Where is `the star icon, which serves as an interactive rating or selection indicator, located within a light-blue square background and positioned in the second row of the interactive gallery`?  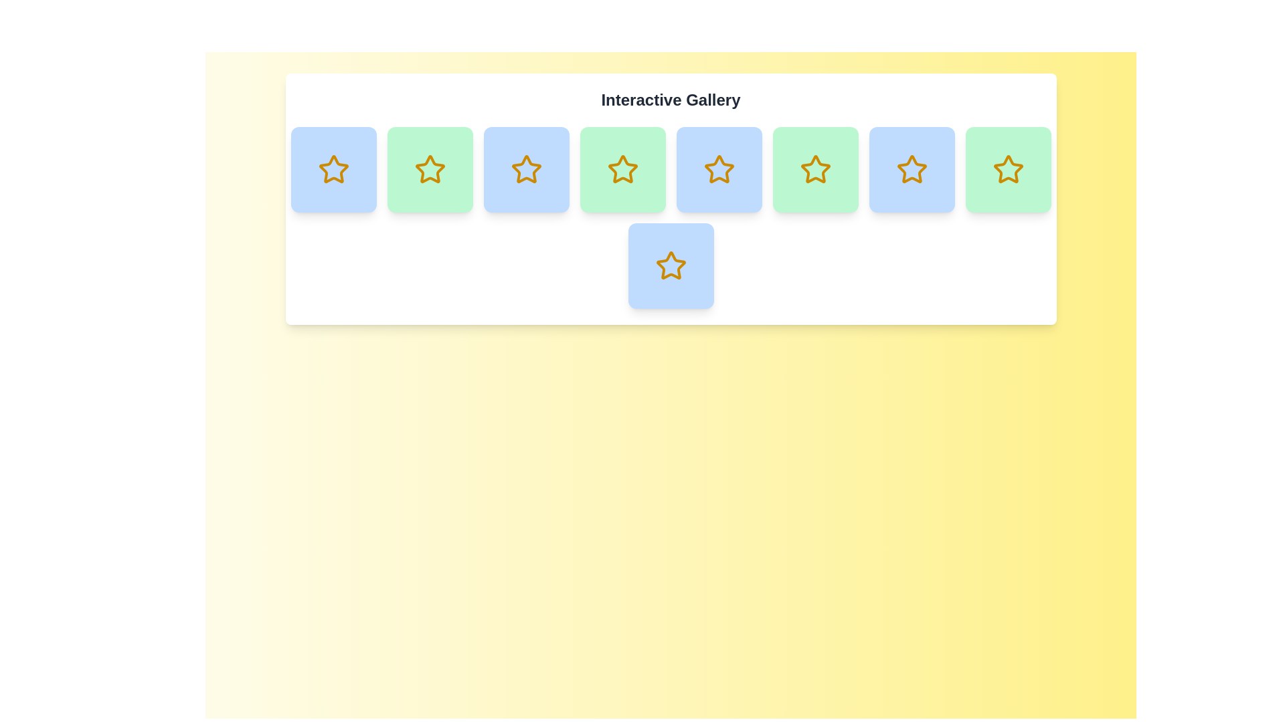 the star icon, which serves as an interactive rating or selection indicator, located within a light-blue square background and positioned in the second row of the interactive gallery is located at coordinates (525, 169).